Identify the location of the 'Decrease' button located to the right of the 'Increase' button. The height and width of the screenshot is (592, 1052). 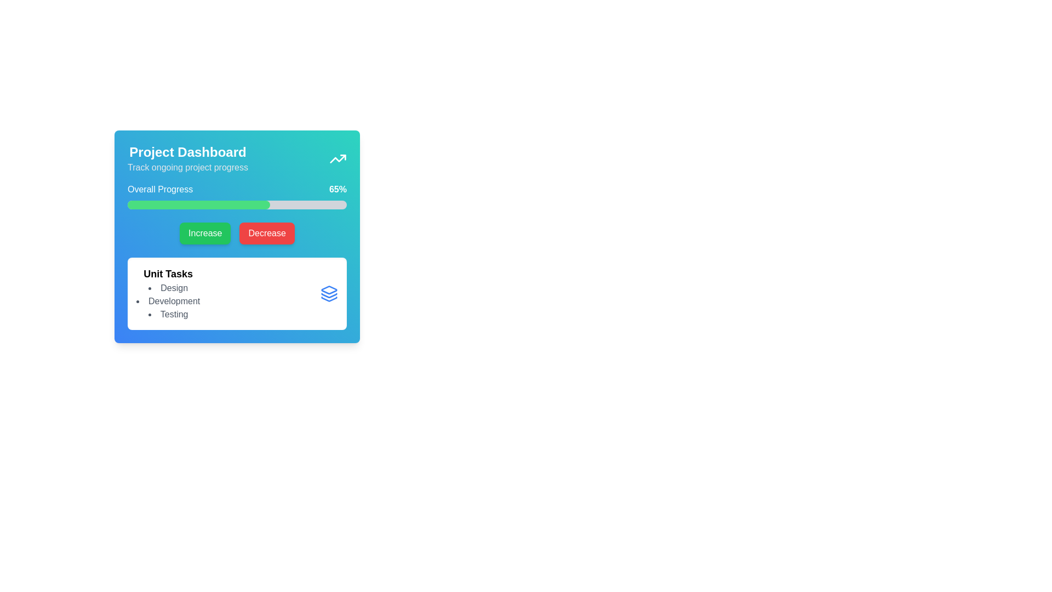
(267, 232).